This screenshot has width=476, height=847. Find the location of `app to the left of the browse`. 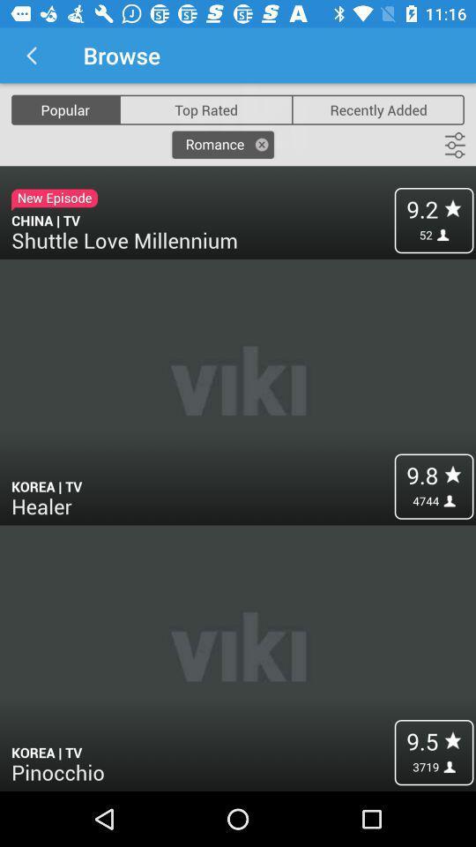

app to the left of the browse is located at coordinates (32, 55).